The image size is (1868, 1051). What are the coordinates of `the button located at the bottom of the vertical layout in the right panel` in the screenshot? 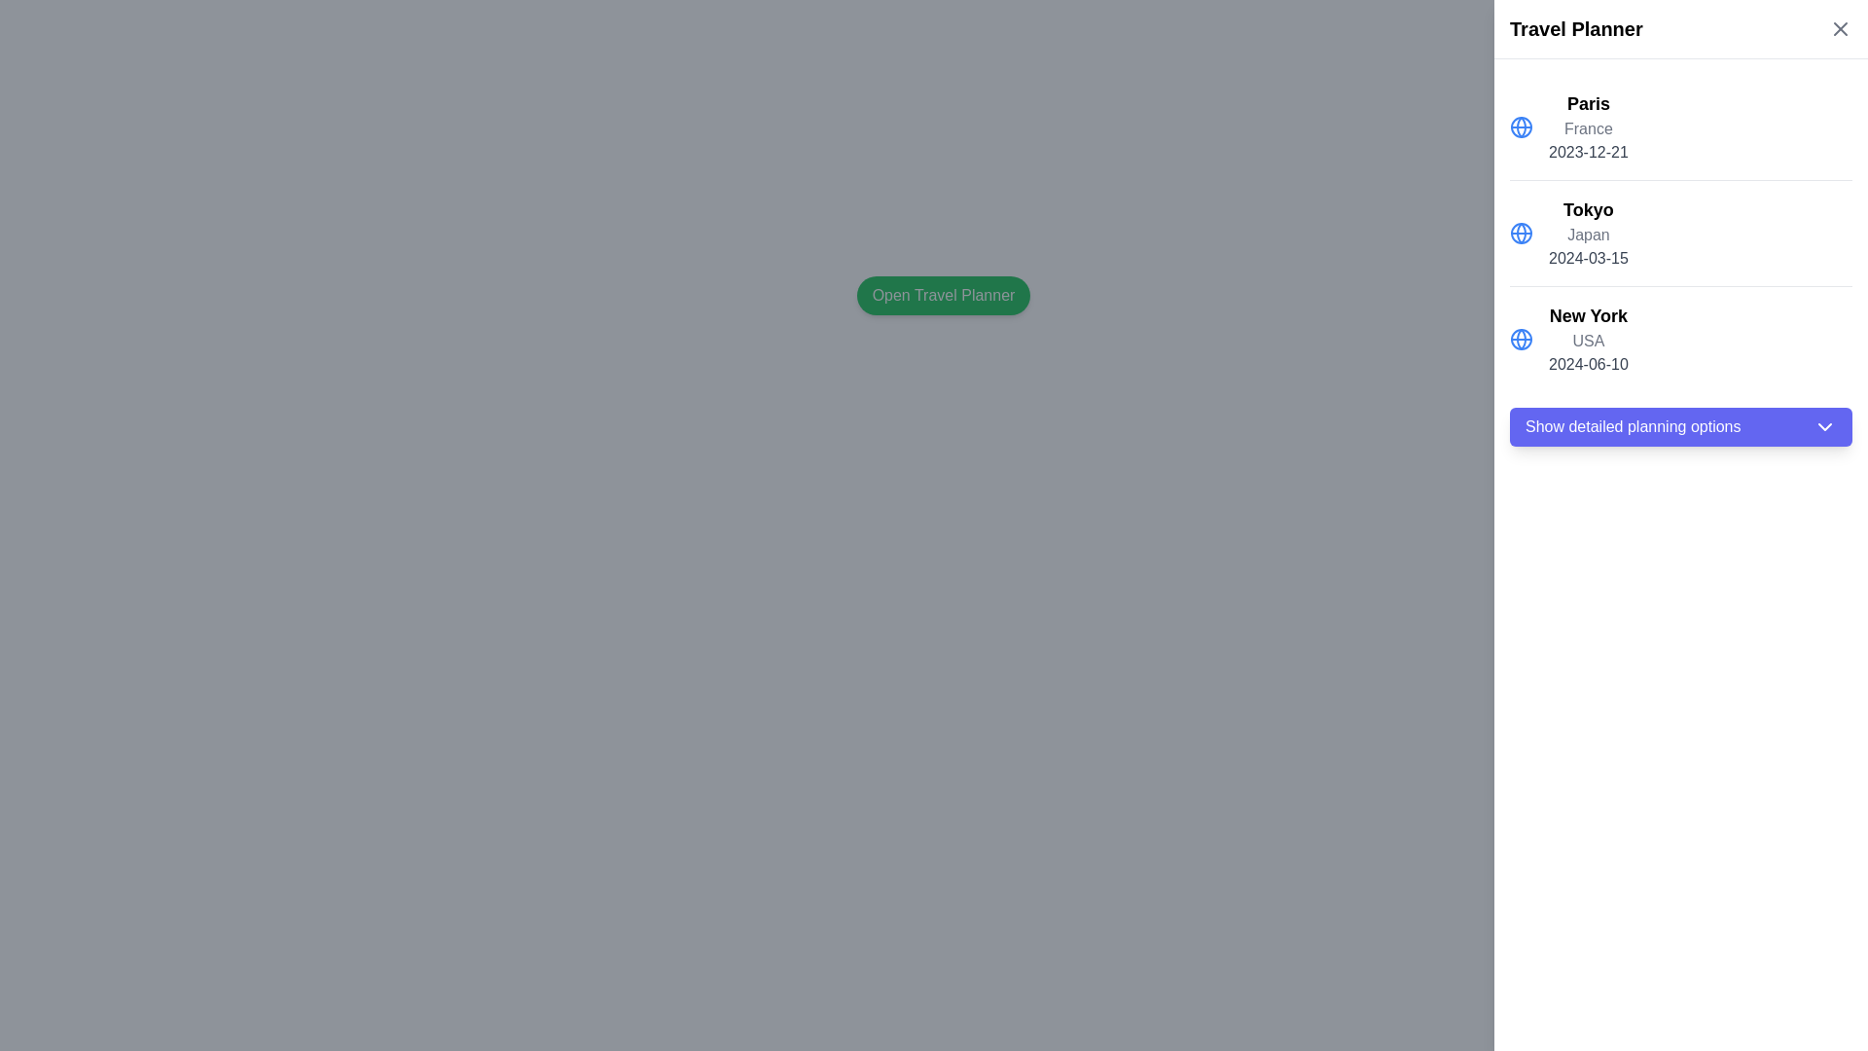 It's located at (1680, 426).